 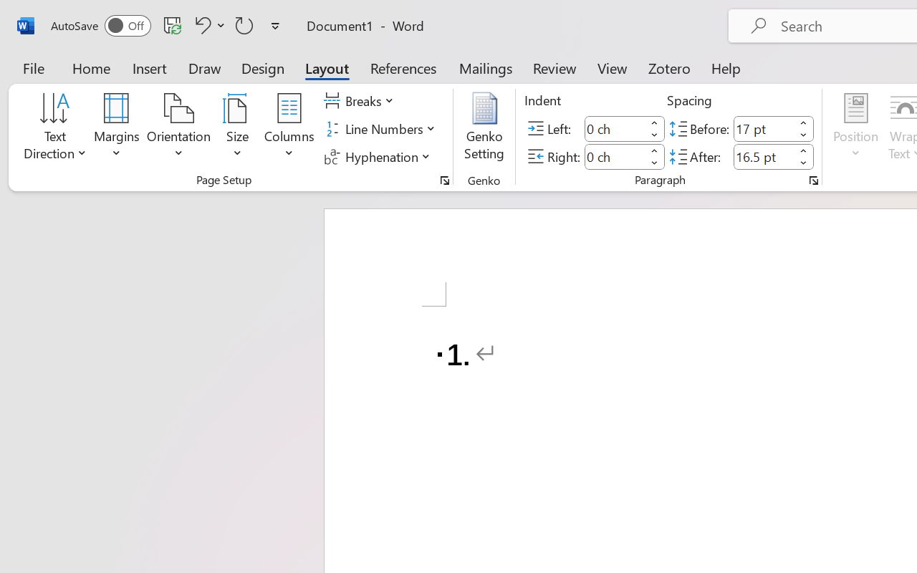 I want to click on 'Undo Number Default', so click(x=200, y=24).